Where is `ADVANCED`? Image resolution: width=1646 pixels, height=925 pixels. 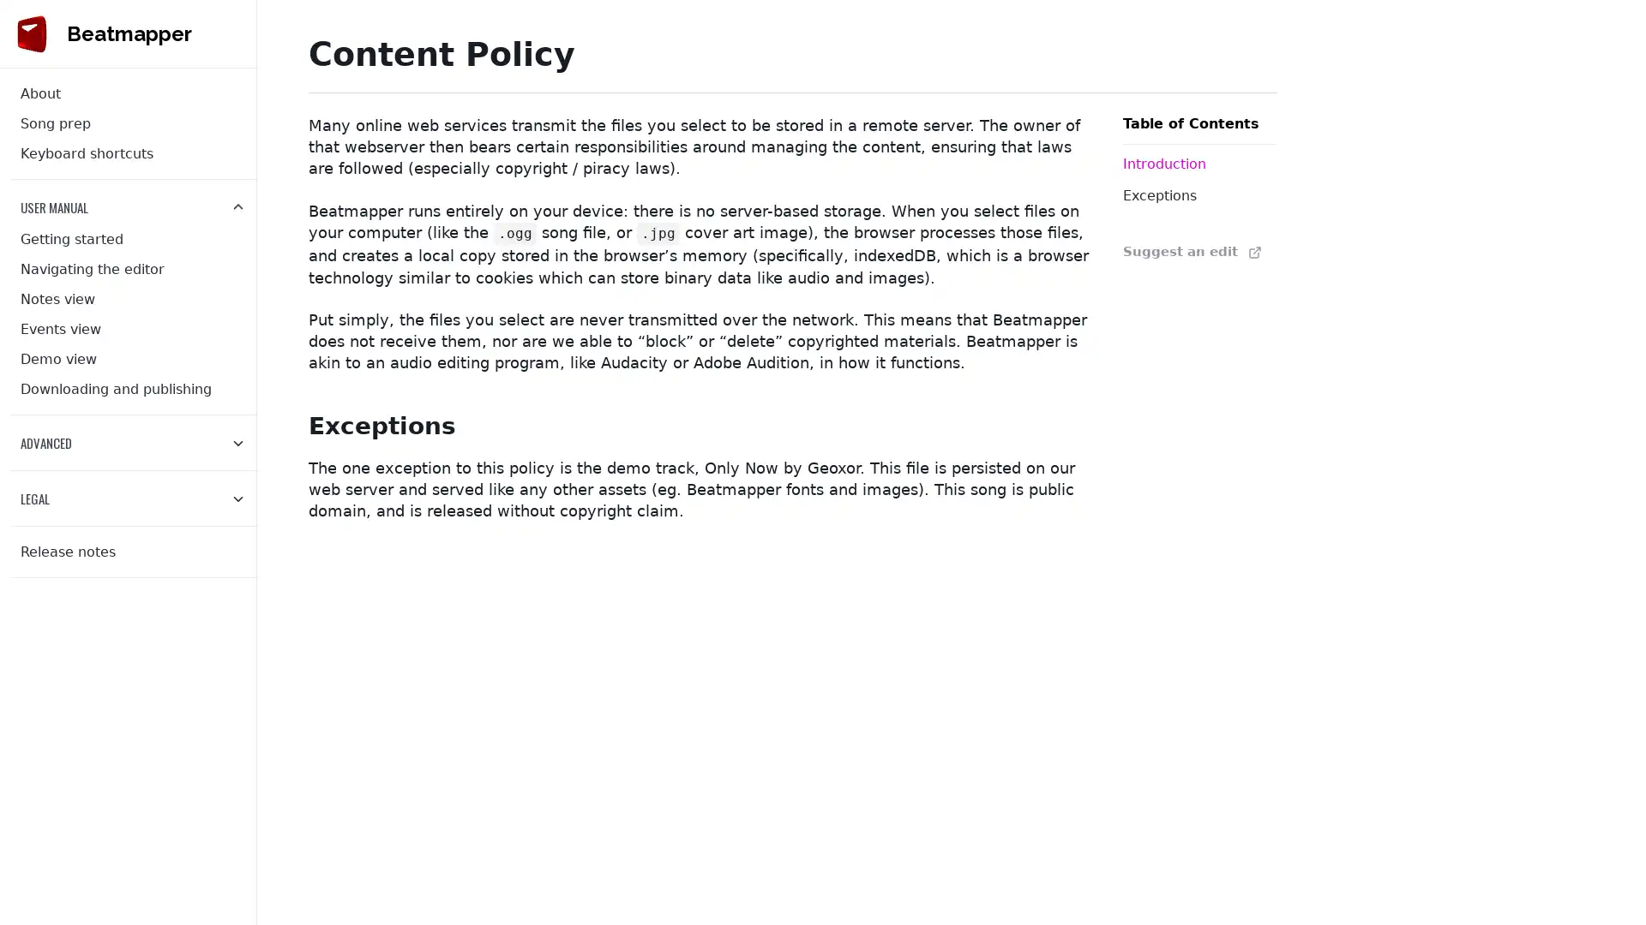 ADVANCED is located at coordinates (132, 441).